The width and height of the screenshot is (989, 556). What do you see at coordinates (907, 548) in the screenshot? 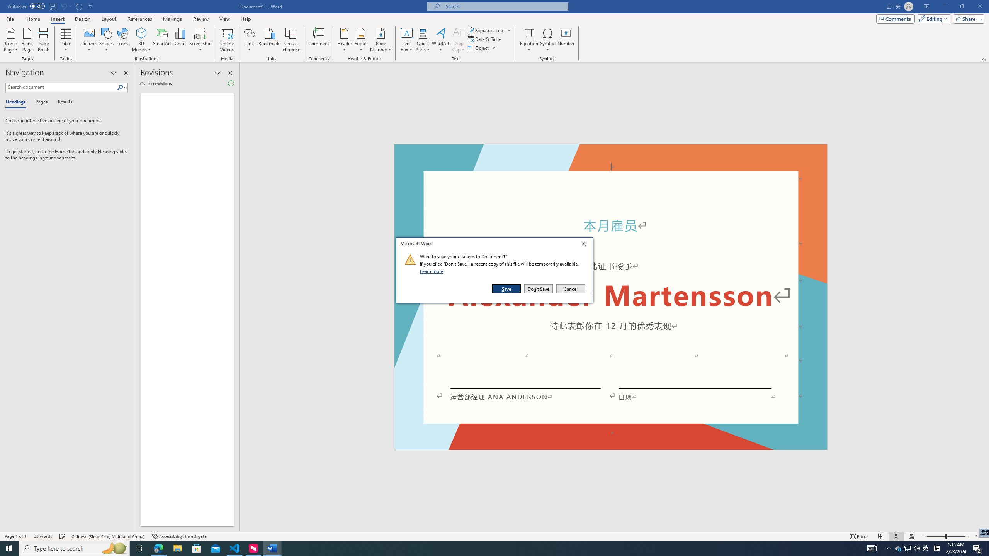
I see `'User Promoted Notification Area'` at bounding box center [907, 548].